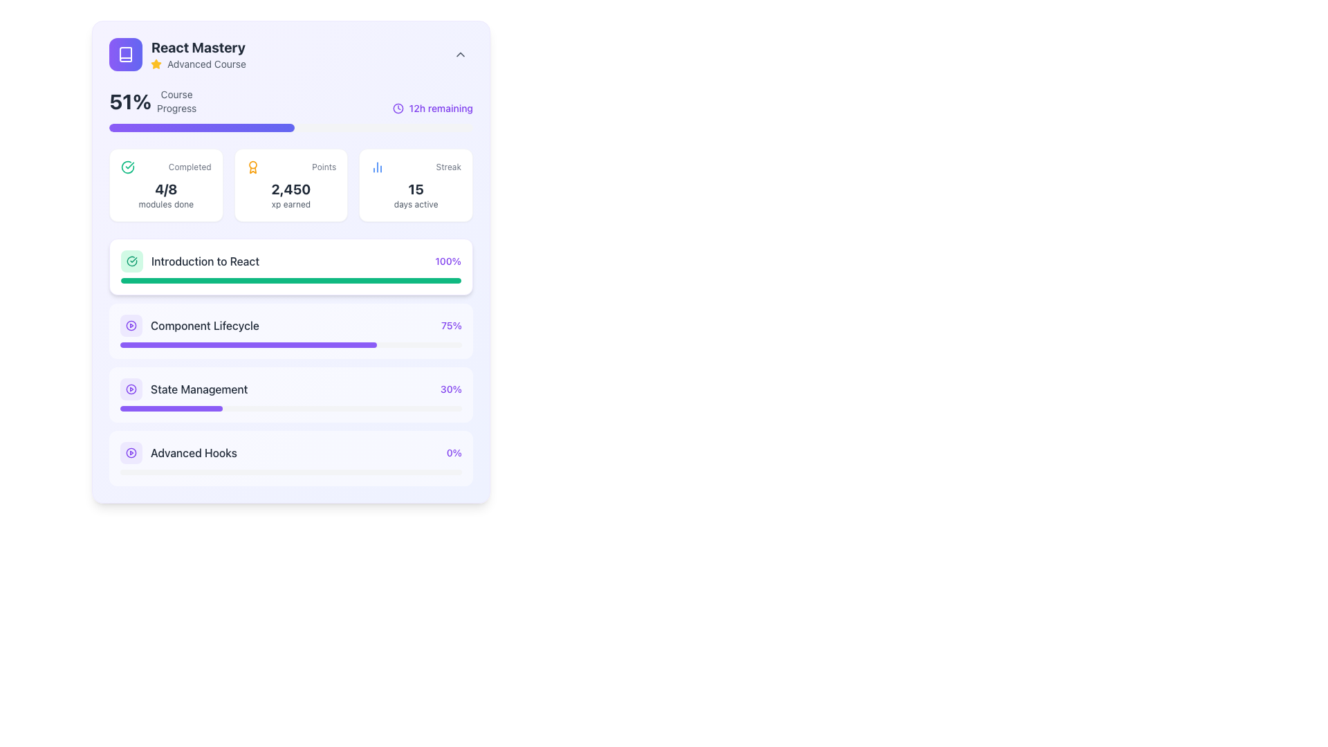 Image resolution: width=1328 pixels, height=747 pixels. Describe the element at coordinates (415, 184) in the screenshot. I see `the informational card displaying the numeric value '15' in bold black font, which is located in the third column of a grid of three cards at the top section of the interface` at that location.